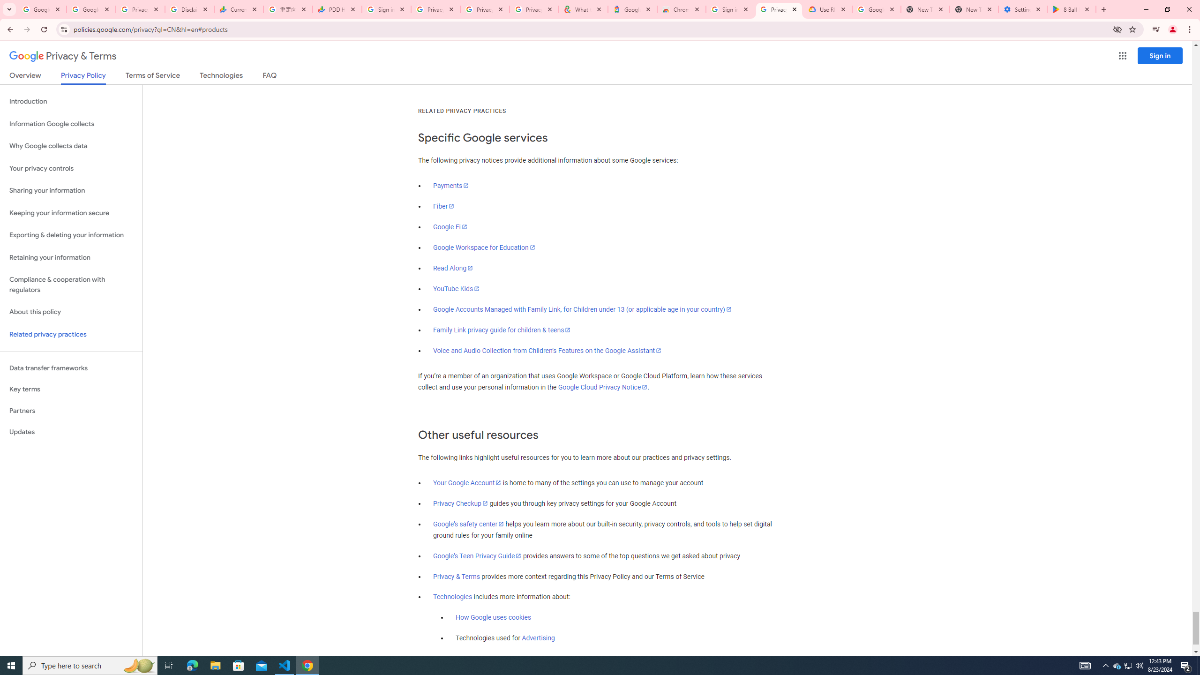 This screenshot has width=1200, height=675. I want to click on '8 Ball Pool - Apps on Google Play', so click(1072, 9).